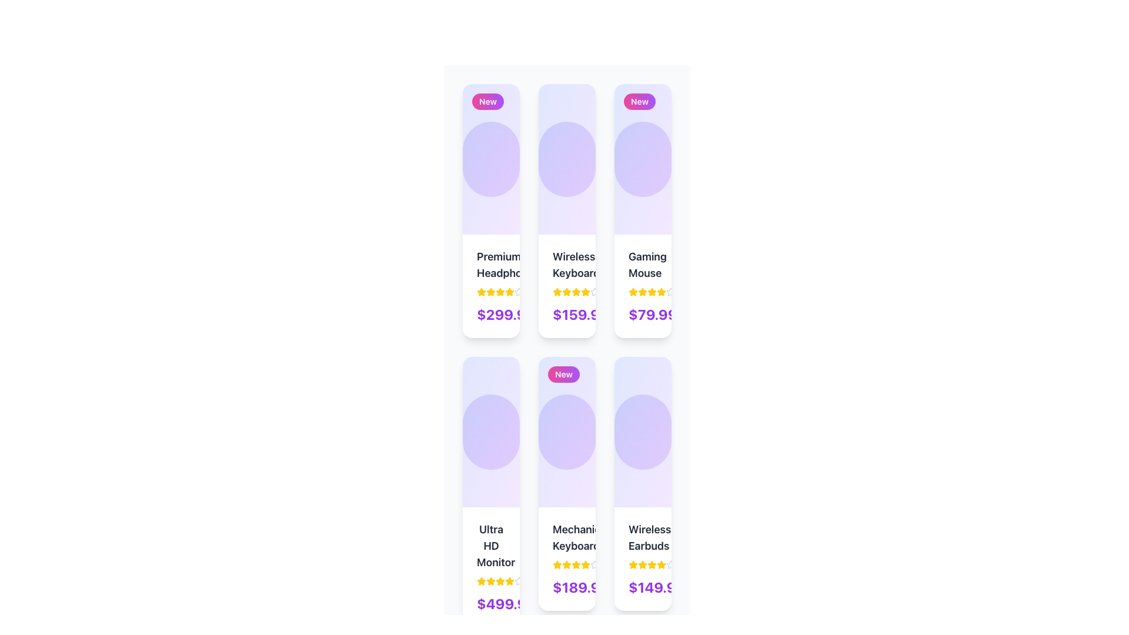 This screenshot has width=1129, height=635. What do you see at coordinates (642, 537) in the screenshot?
I see `the text label reading 'Wireless Earbuds' which is styled with a larger, bold font in dark gray color, located in the bottom-right corner of the interface above the star ratings and price information` at bounding box center [642, 537].